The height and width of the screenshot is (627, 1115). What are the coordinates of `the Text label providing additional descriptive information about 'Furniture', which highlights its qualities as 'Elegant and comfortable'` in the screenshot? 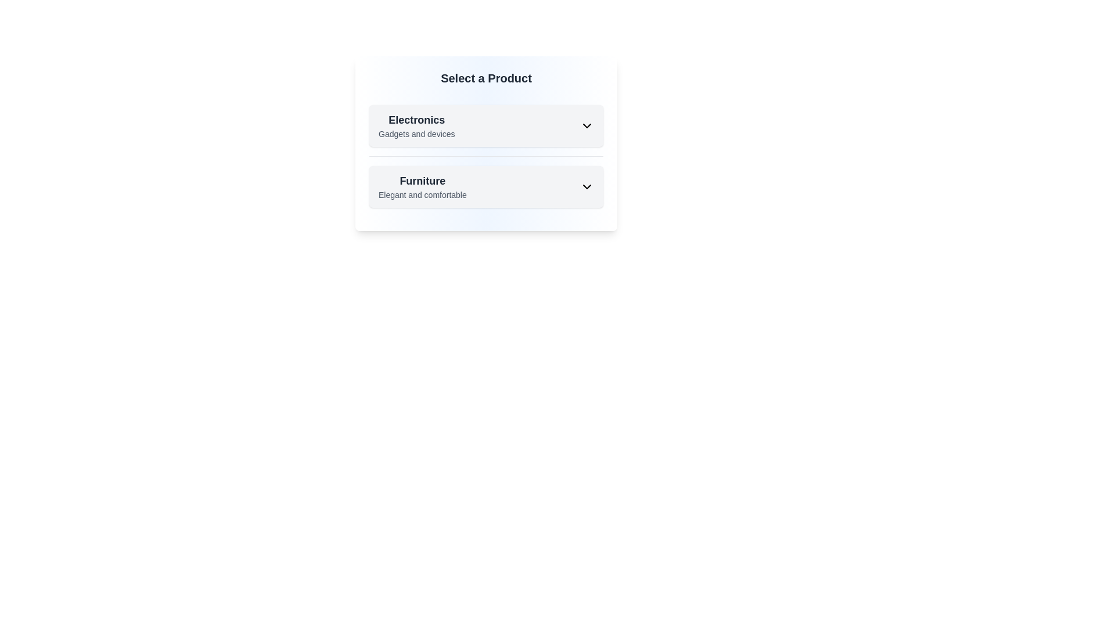 It's located at (422, 194).